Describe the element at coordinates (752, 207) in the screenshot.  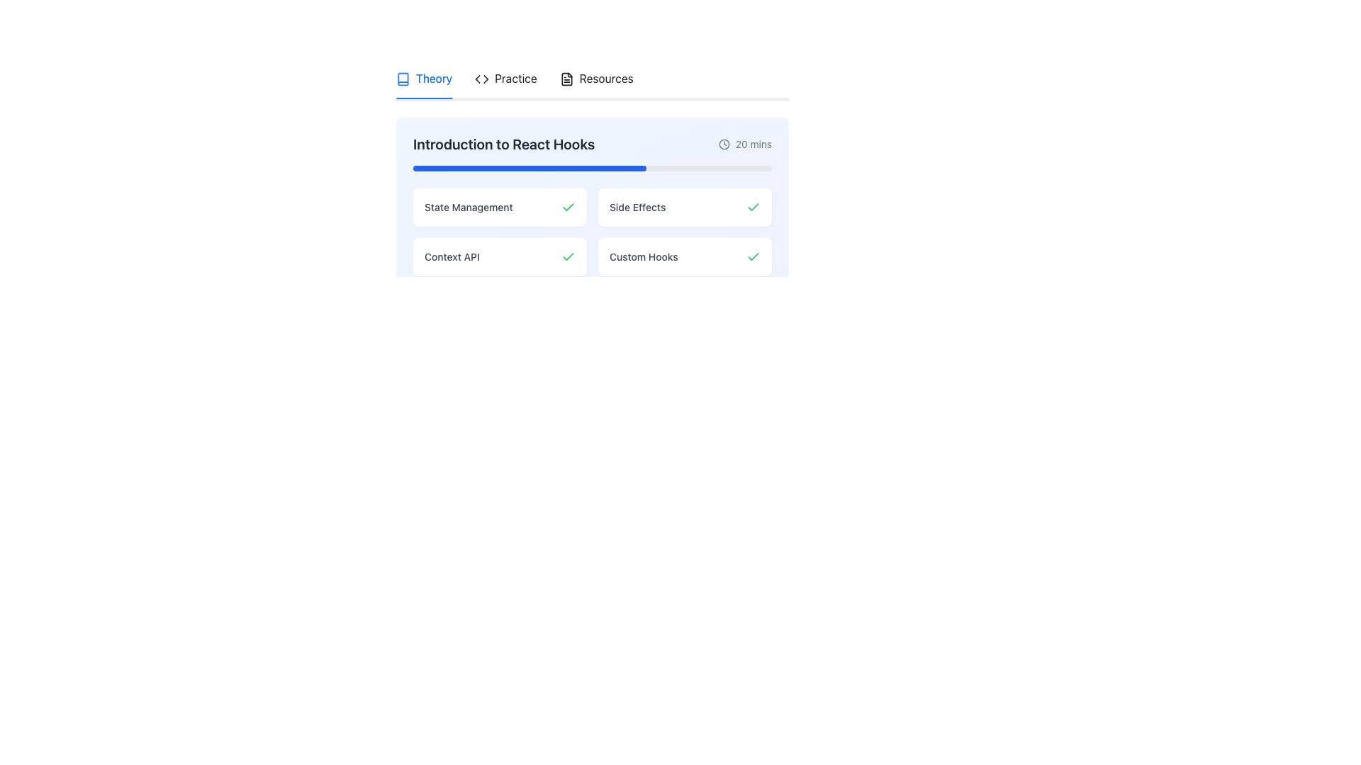
I see `the checkmark icon indicating completion or success located near the 'Side Effects' label in the second column of the topics matrix` at that location.